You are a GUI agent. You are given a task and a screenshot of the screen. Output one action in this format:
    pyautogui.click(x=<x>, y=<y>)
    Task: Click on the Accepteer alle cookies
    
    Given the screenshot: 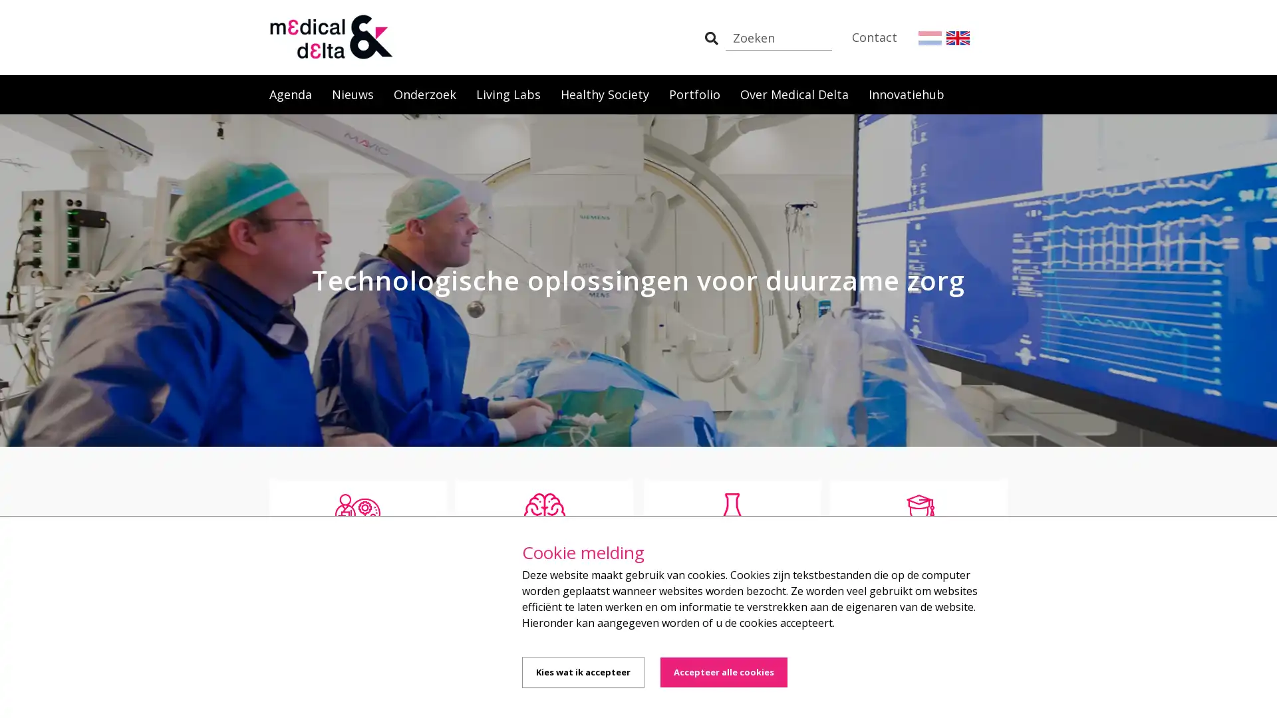 What is the action you would take?
    pyautogui.click(x=723, y=672)
    